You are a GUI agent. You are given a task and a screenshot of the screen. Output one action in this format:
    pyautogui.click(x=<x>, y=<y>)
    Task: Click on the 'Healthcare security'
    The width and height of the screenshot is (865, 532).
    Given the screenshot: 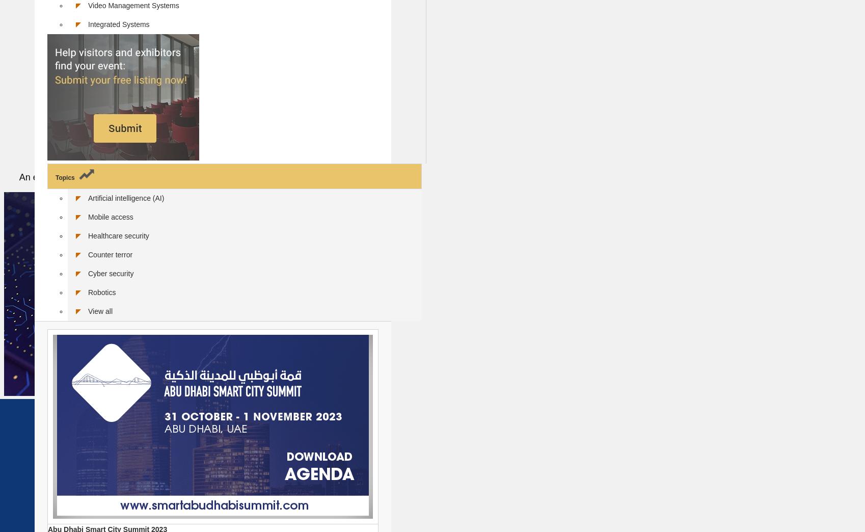 What is the action you would take?
    pyautogui.click(x=118, y=235)
    